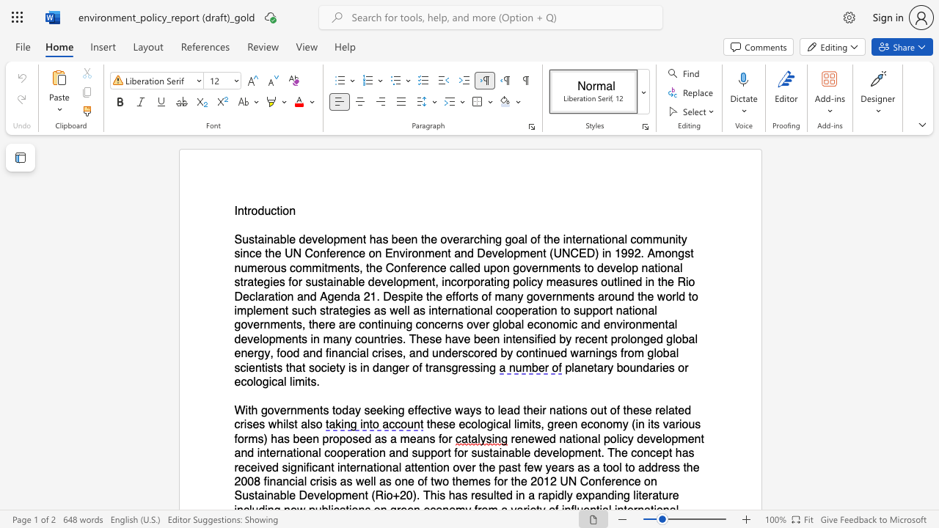 This screenshot has height=528, width=939. Describe the element at coordinates (440, 309) in the screenshot. I see `the subset text "ernational cooperation to support national governments, there are continuing concerns over global economic and e" within the text "commitments, the Conference called upon governments to develop national strategies for sustainable development, incorporating policy measures outlined in the Rio Declaration and Agenda 21. Despite the efforts of many governments around the world to implement such strategies as well as international cooperation to support national governments, there are continuing concerns over global economic and environmental developments in many countries. These have been intensified by recent prolonged global energy,"` at that location.